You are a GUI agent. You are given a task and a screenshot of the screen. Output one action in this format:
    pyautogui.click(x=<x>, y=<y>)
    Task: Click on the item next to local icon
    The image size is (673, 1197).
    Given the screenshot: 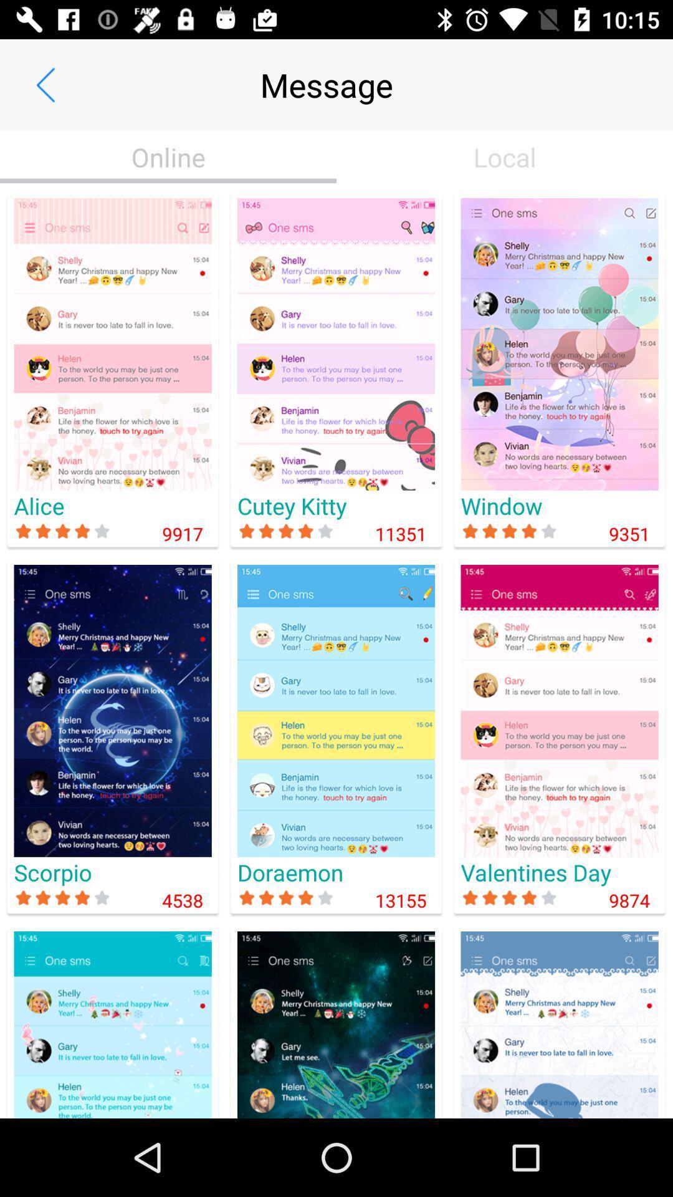 What is the action you would take?
    pyautogui.click(x=168, y=156)
    